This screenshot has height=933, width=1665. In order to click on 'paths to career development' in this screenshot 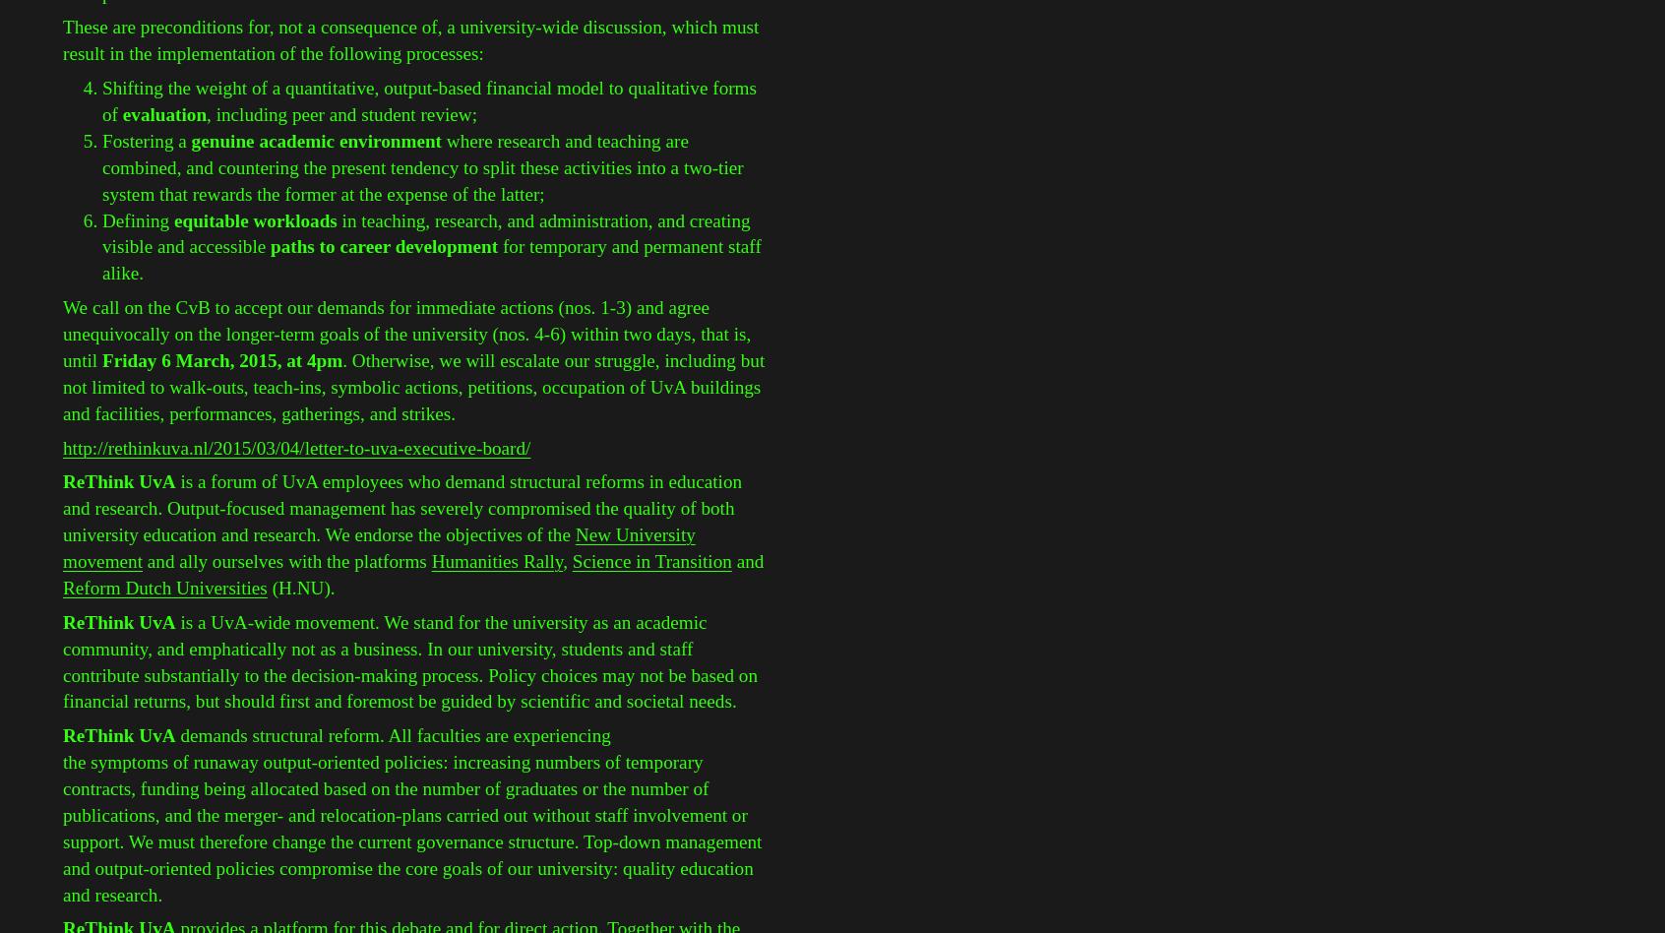, I will do `click(386, 246)`.